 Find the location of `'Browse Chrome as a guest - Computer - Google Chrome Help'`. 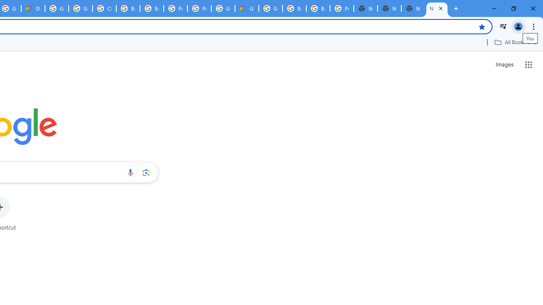

'Browse Chrome as a guest - Computer - Google Chrome Help' is located at coordinates (128, 8).